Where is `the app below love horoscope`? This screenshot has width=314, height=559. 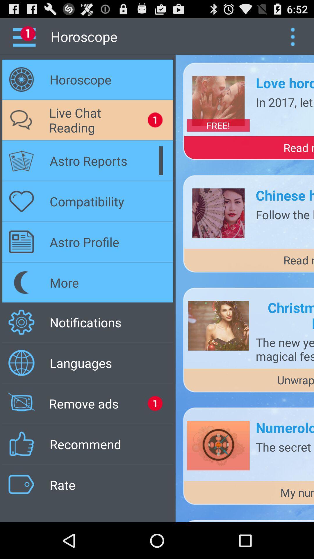 the app below love horoscope is located at coordinates (284, 102).